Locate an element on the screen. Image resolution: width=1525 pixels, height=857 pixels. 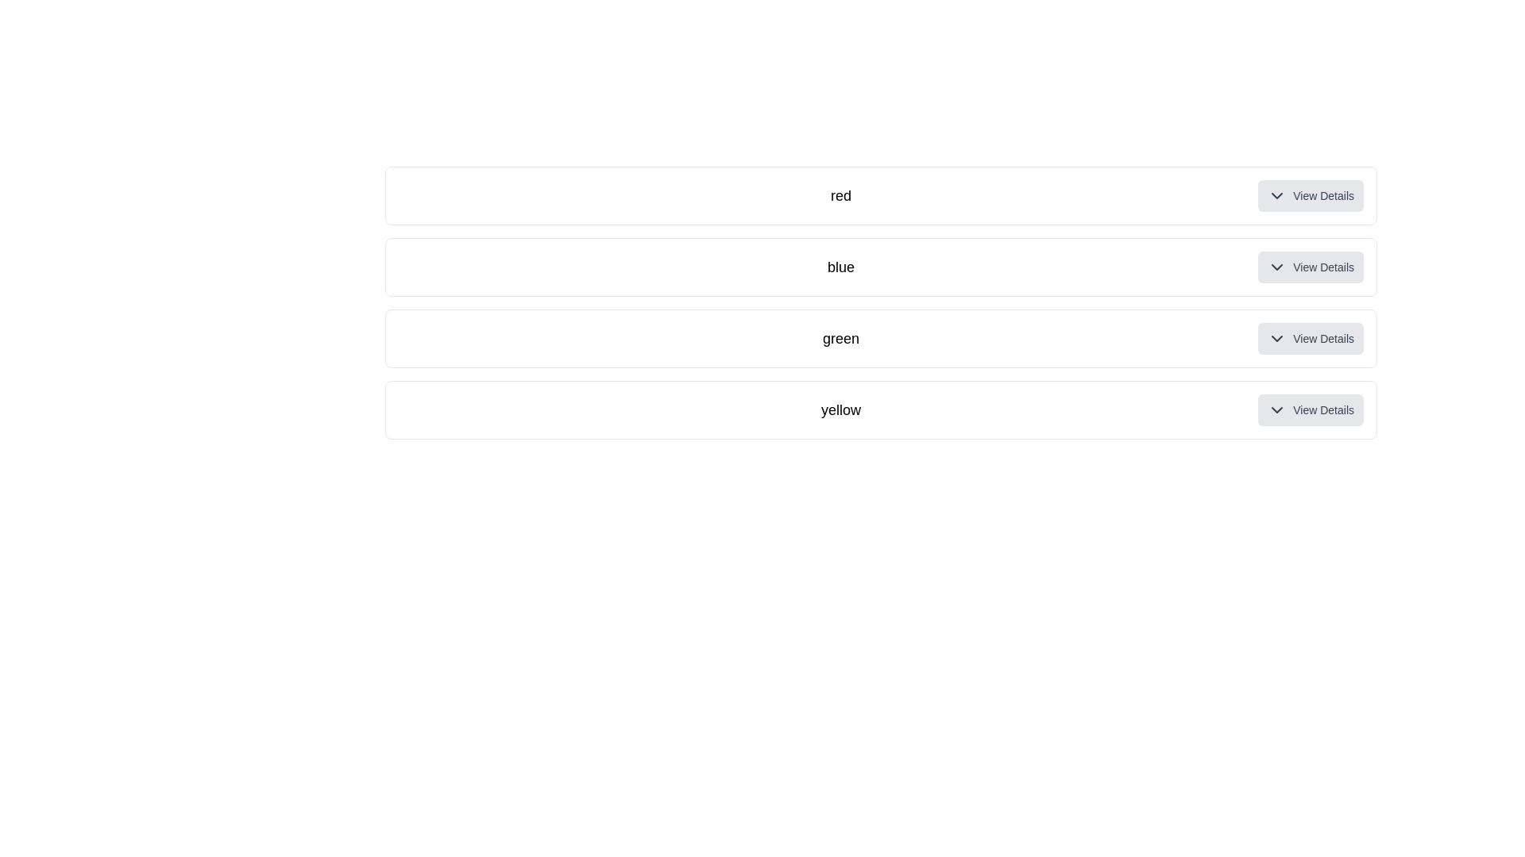
the 'View Details' button with a light gray background and rounded corners, located on the far right side of the row that includes a yellow circular icon and the text 'yellow' is located at coordinates (1311, 409).